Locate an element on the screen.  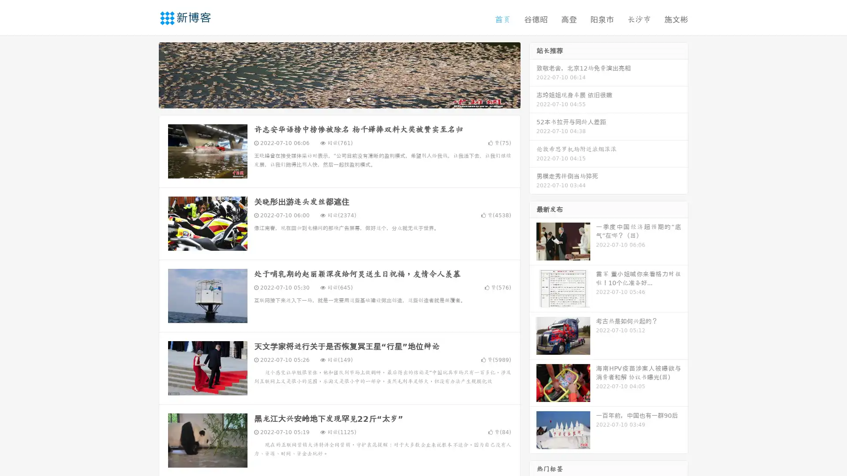
Previous slide is located at coordinates (146, 74).